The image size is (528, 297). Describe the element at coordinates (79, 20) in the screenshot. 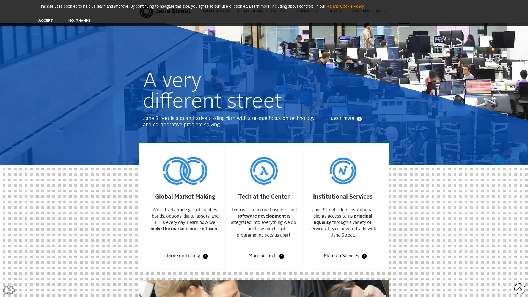

I see `deny cookies` at that location.